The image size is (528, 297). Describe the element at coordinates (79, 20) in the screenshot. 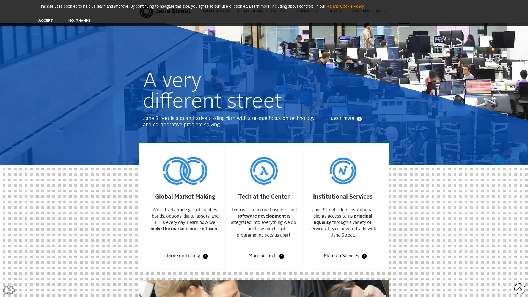

I see `deny cookies` at that location.